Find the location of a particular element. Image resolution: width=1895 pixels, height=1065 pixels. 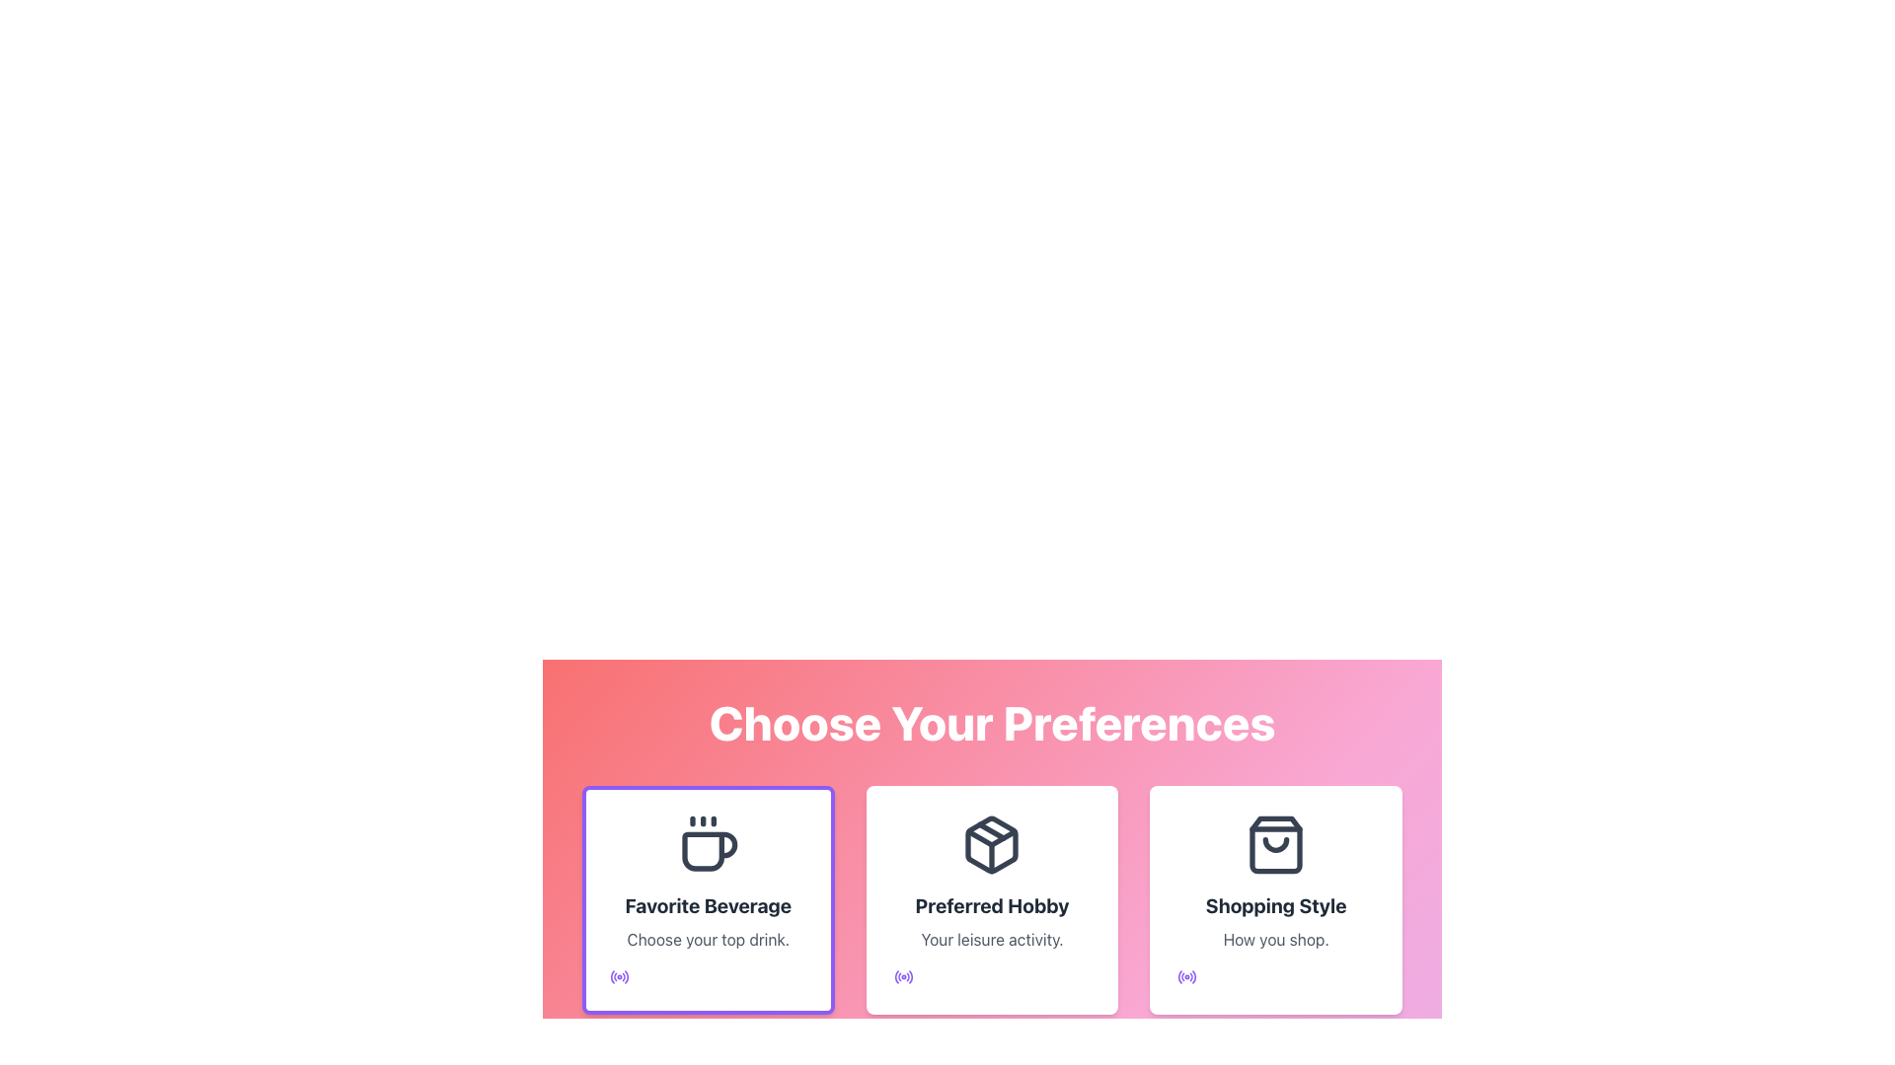

the radio button icon located in the bottom-right part of the 'Shopping Style' card to indicate a preference or choice is located at coordinates (1186, 977).